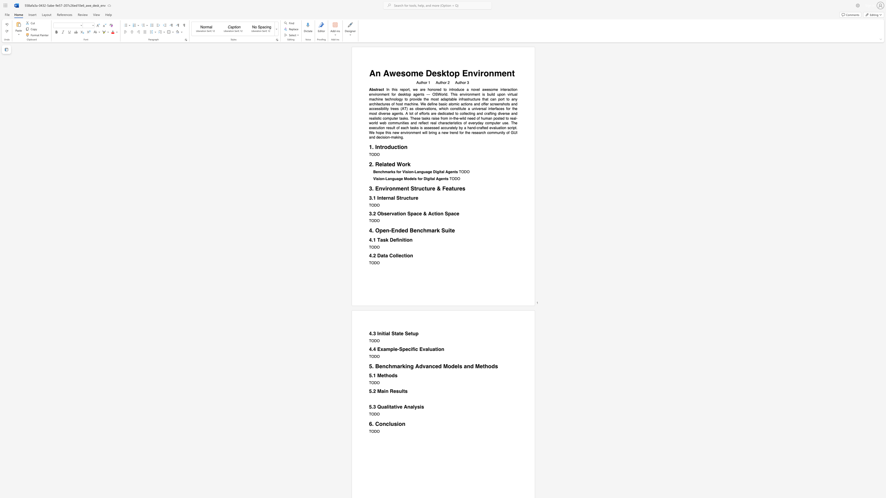  Describe the element at coordinates (384, 255) in the screenshot. I see `the 1th character "t" in the text` at that location.